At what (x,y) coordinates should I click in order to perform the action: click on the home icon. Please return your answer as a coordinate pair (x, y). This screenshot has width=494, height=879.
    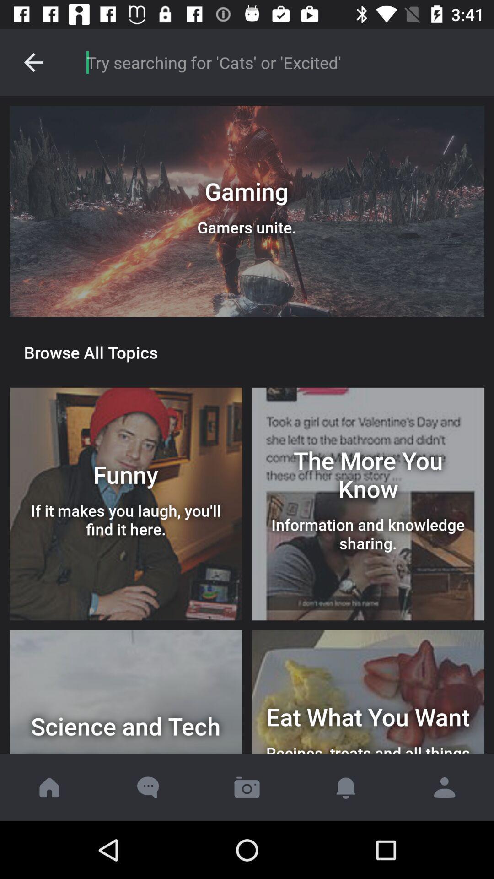
    Looking at the image, I should click on (49, 787).